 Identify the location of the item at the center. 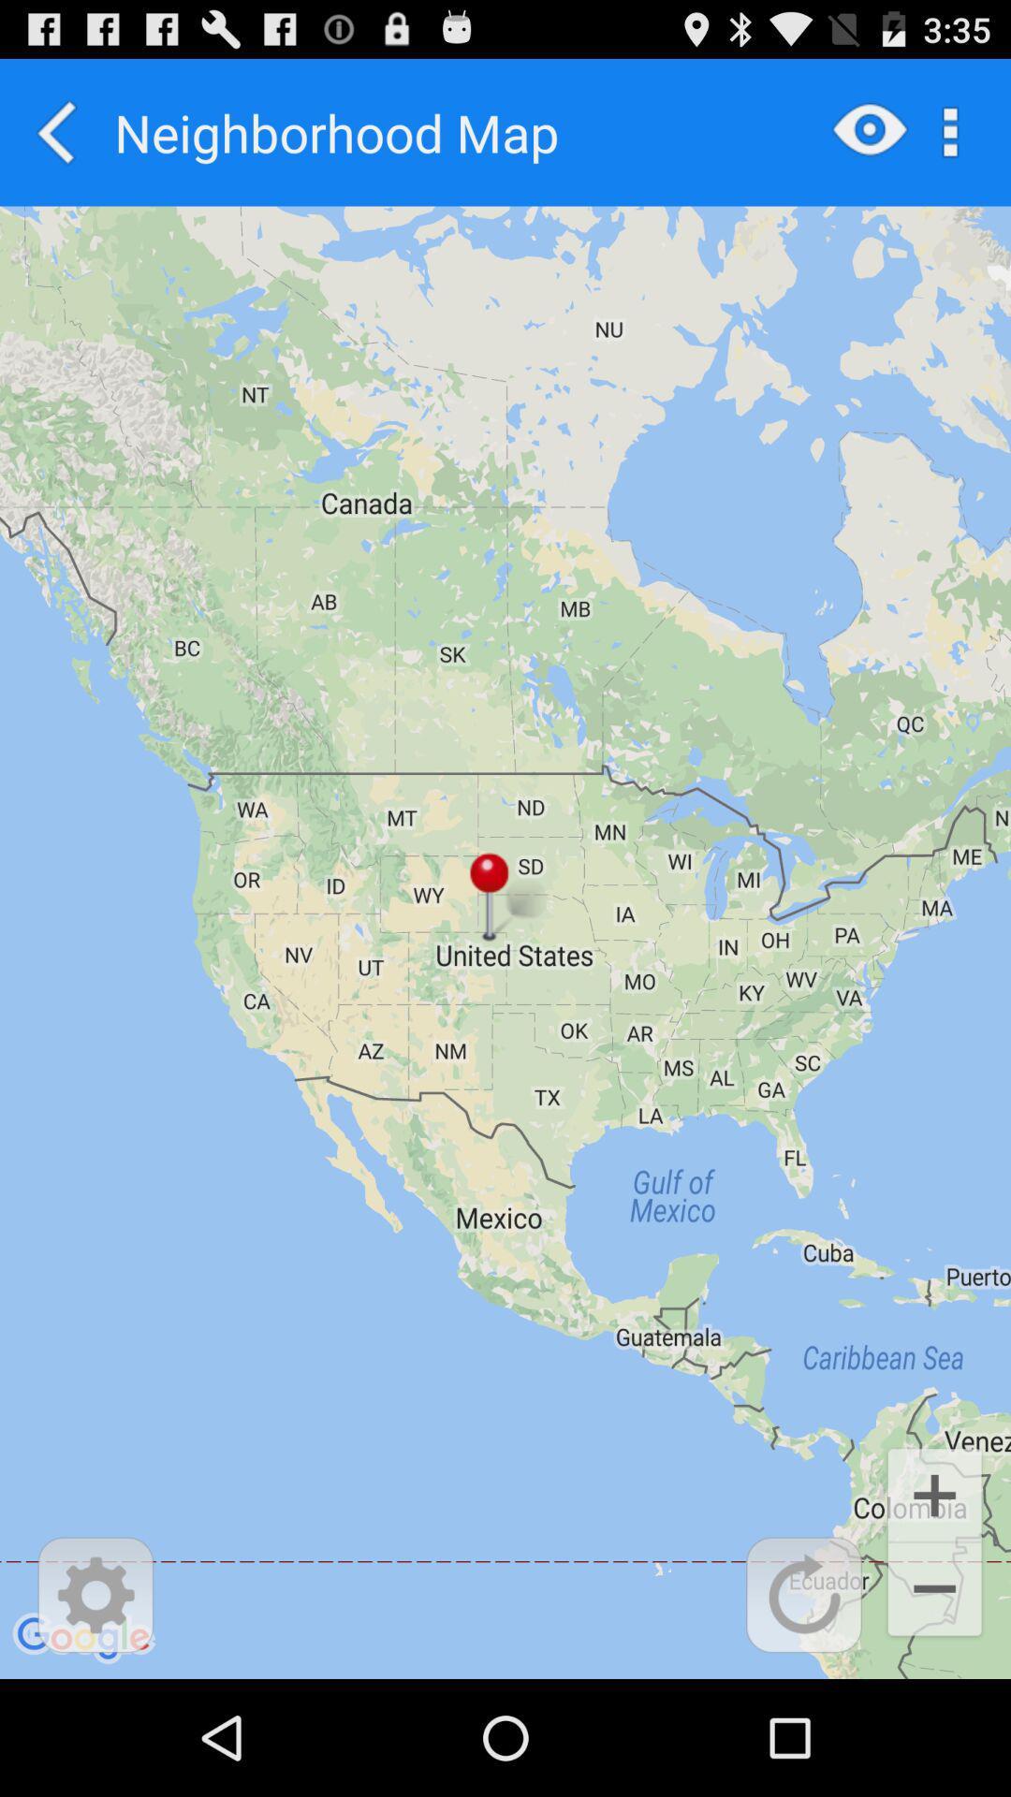
(505, 942).